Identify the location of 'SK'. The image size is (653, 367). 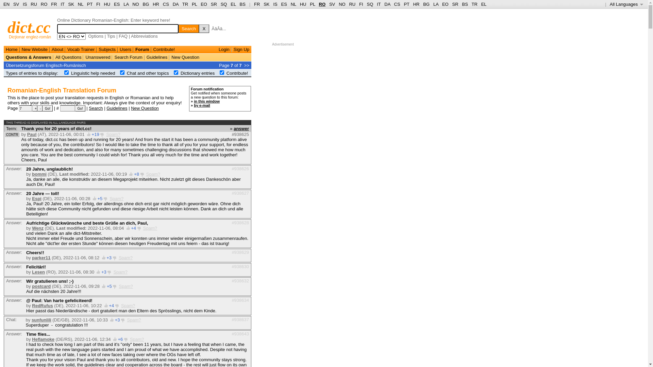
(266, 4).